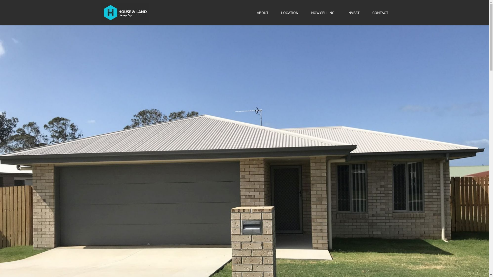 This screenshot has width=493, height=277. I want to click on 'ABOUT', so click(257, 12).